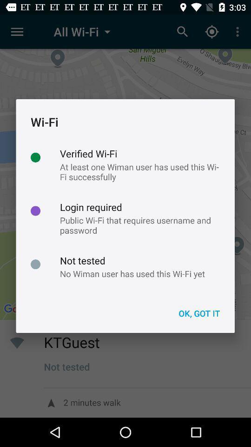  Describe the element at coordinates (198, 313) in the screenshot. I see `the icon below no wiman user` at that location.